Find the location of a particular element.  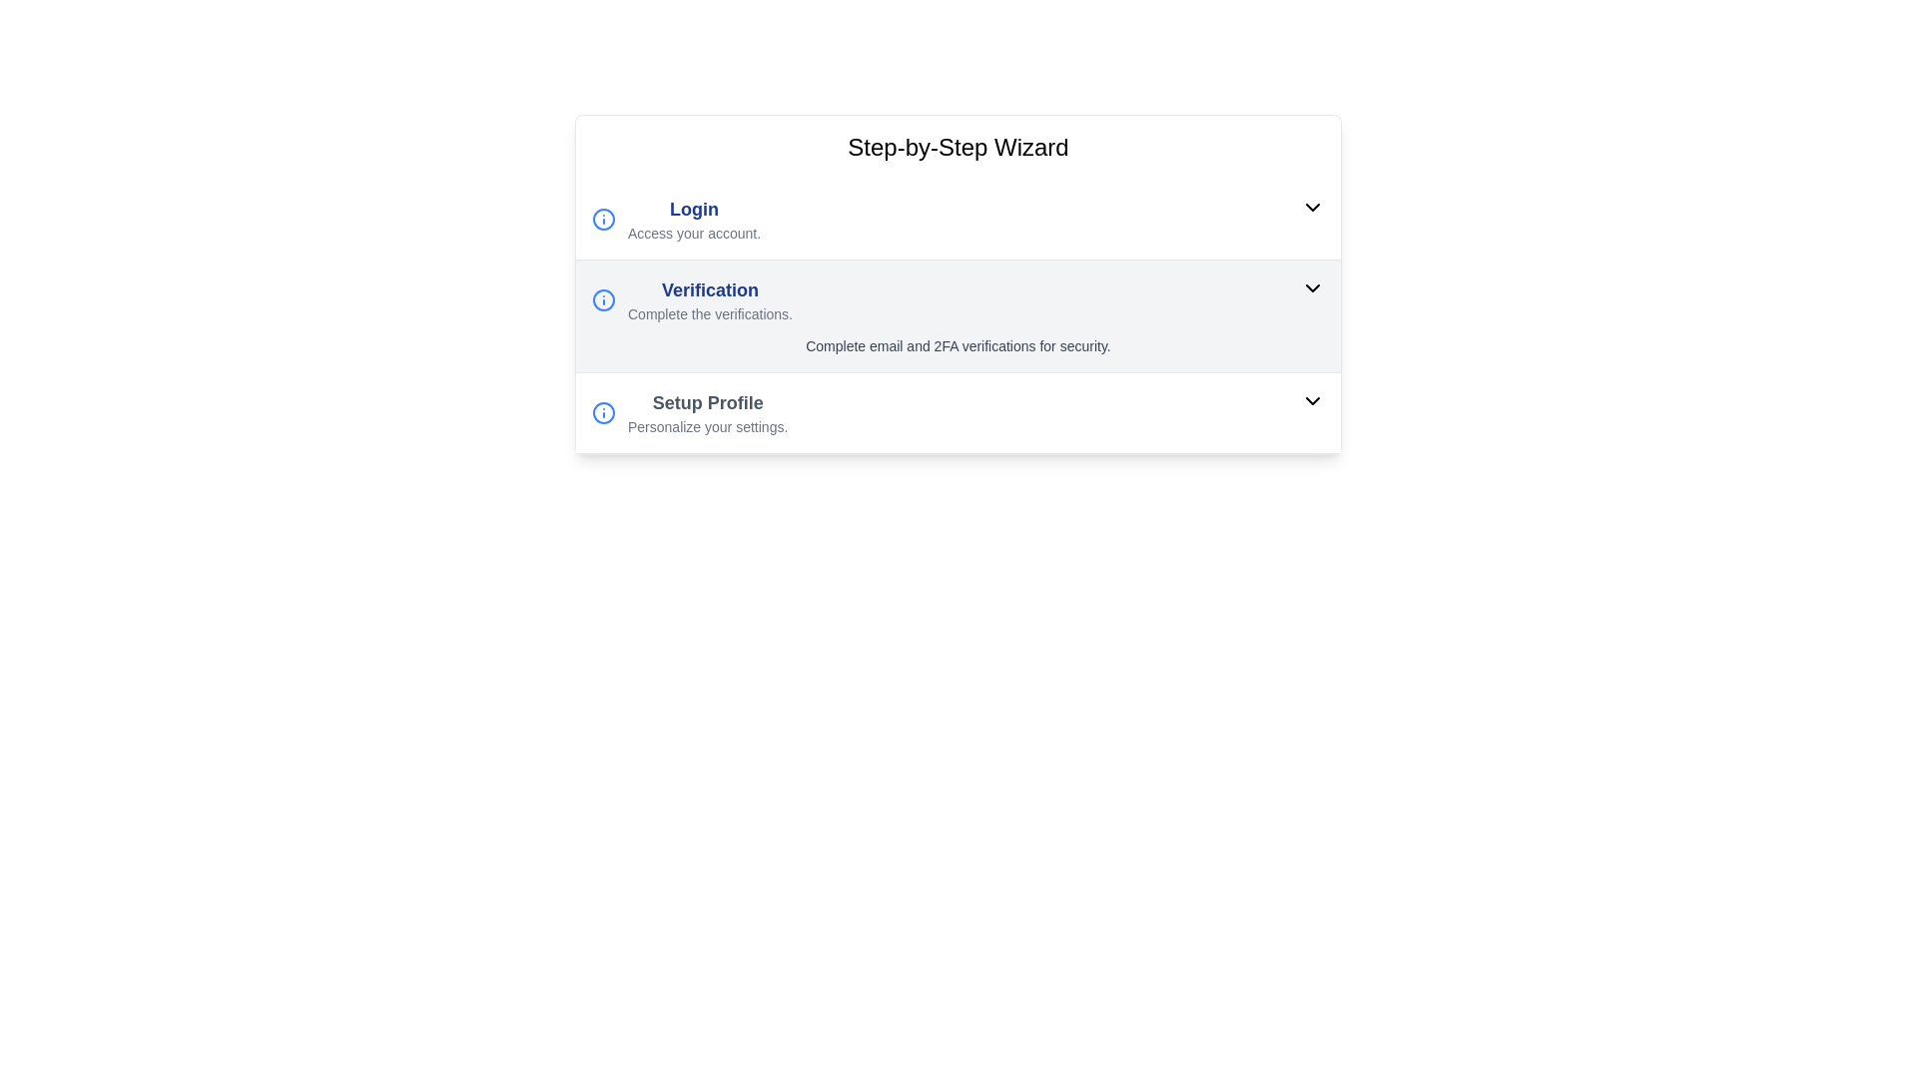

text content of the Text Block that displays 'Login' and 'Access your account.' located at the top-left of the vertically aligned stepper component is located at coordinates (694, 219).